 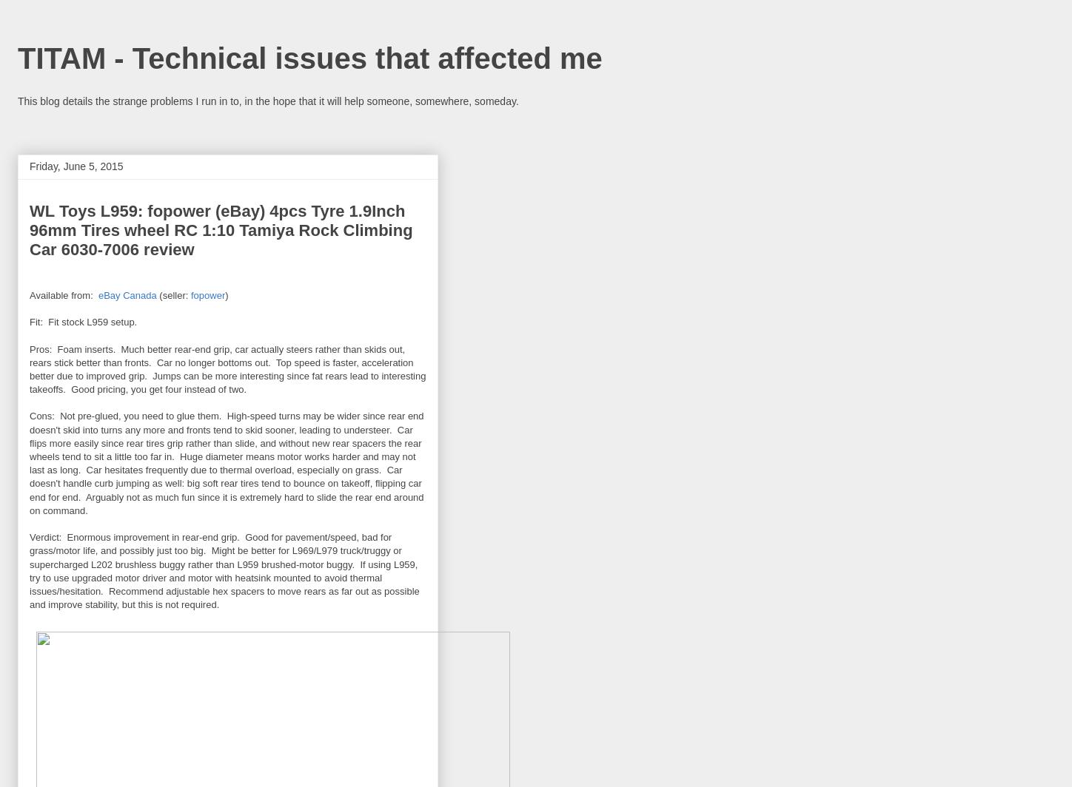 What do you see at coordinates (224, 571) in the screenshot?
I see `'Verdict:  Enormous improvement in rear-end grip.  Good for pavement/speed, bad for grass/motor life, and possibly just too big.  Might be better for L969/L979 truck/truggy or supercharged L202 brushless buggy rather than L959 brushed-motor buggy.  If using L959, try to use upgraded motor driver and motor with heatsink mounted to avoid thermal issues/hesitation.  Recommend adjustable hex spacers to move rears as far out as possible and improve stability, but this is not required.'` at bounding box center [224, 571].